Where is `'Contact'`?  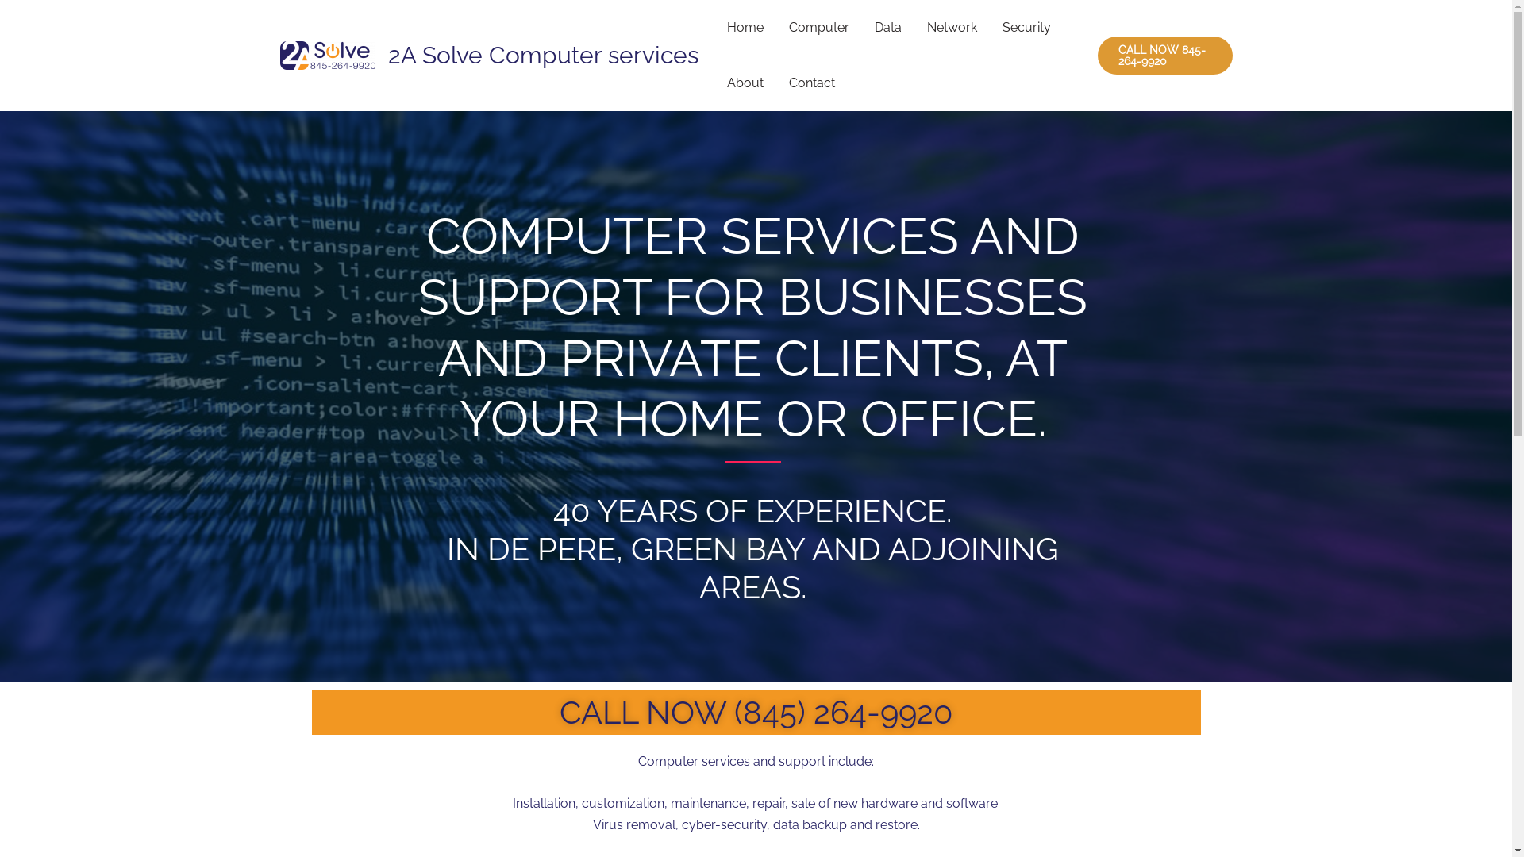
'Contact' is located at coordinates (776, 83).